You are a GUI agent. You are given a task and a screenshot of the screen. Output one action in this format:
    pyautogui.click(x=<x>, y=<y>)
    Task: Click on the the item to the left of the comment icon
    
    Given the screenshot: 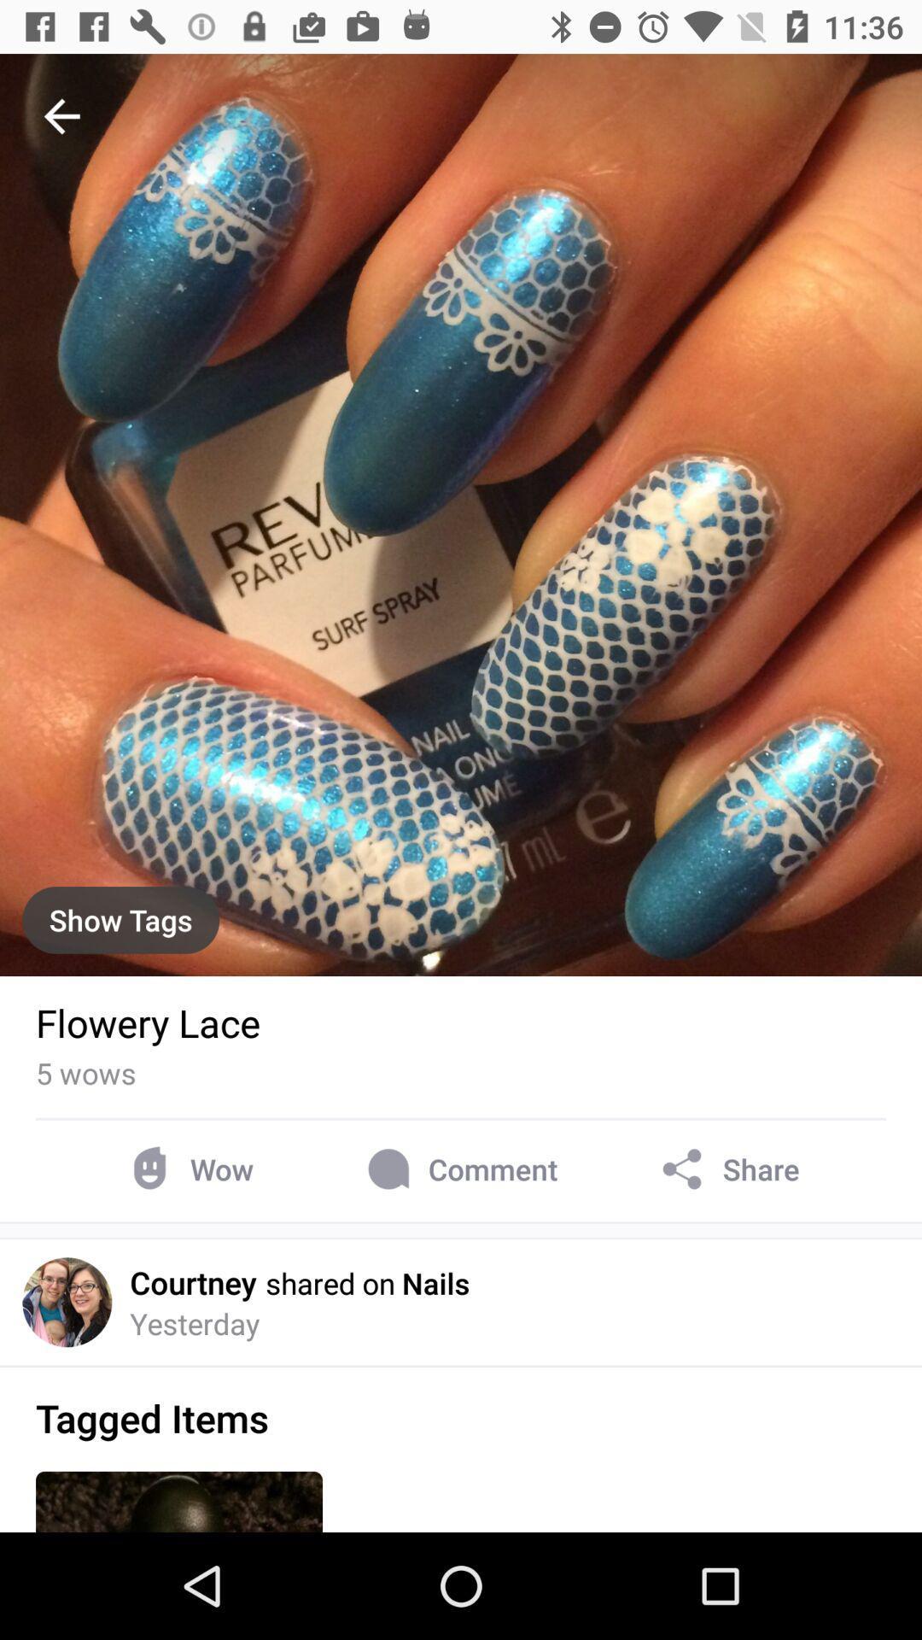 What is the action you would take?
    pyautogui.click(x=188, y=1168)
    